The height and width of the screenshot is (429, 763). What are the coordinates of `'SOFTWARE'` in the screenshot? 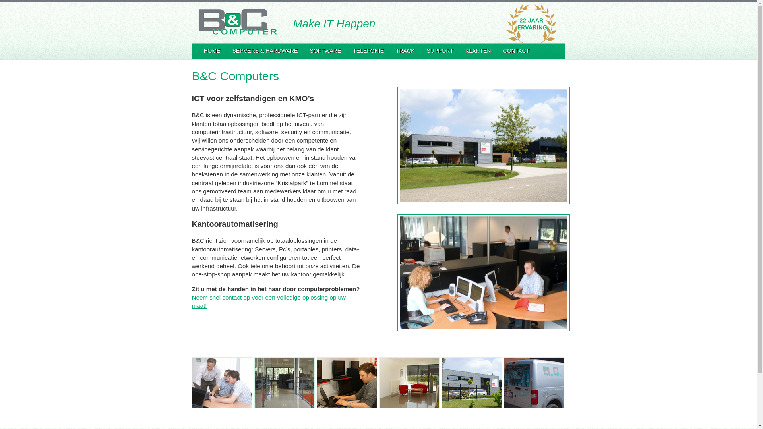 It's located at (325, 51).